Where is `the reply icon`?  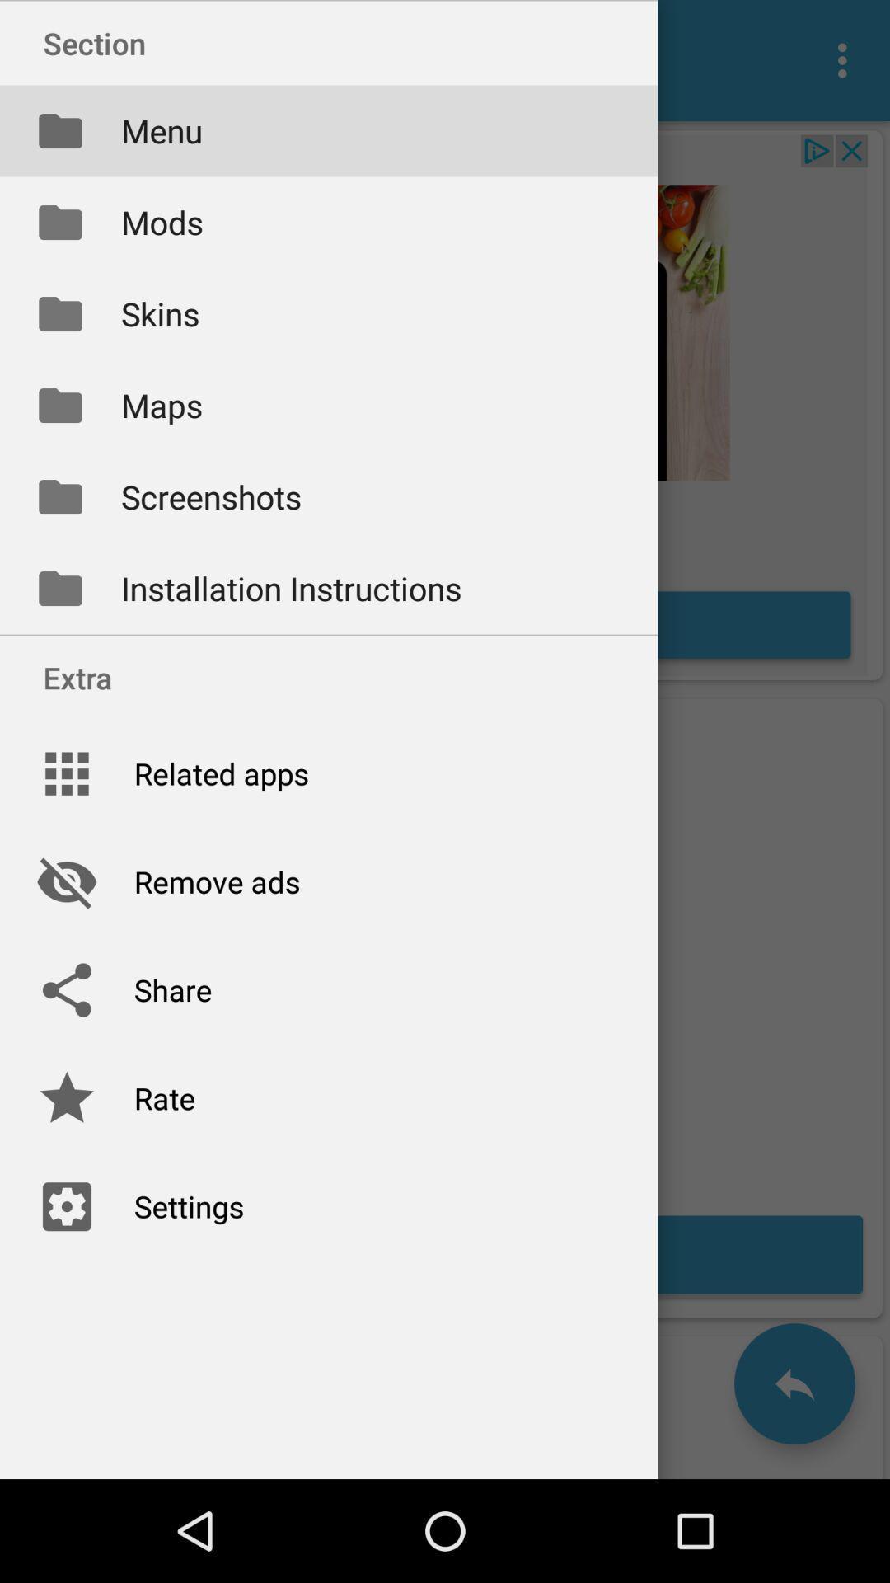 the reply icon is located at coordinates (794, 1383).